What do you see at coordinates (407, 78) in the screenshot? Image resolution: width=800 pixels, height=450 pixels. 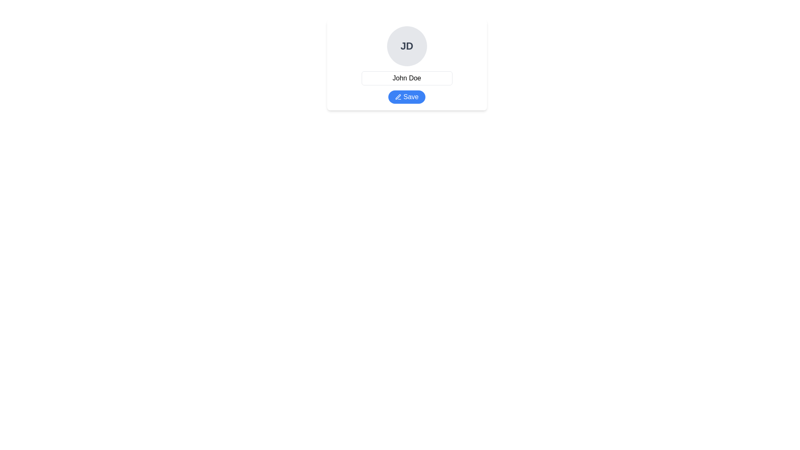 I see `the Static Text Display Field containing the text 'John Doe', which is positioned beneath the avatar circle labeled 'JD' and above the blue 'Save' button` at bounding box center [407, 78].